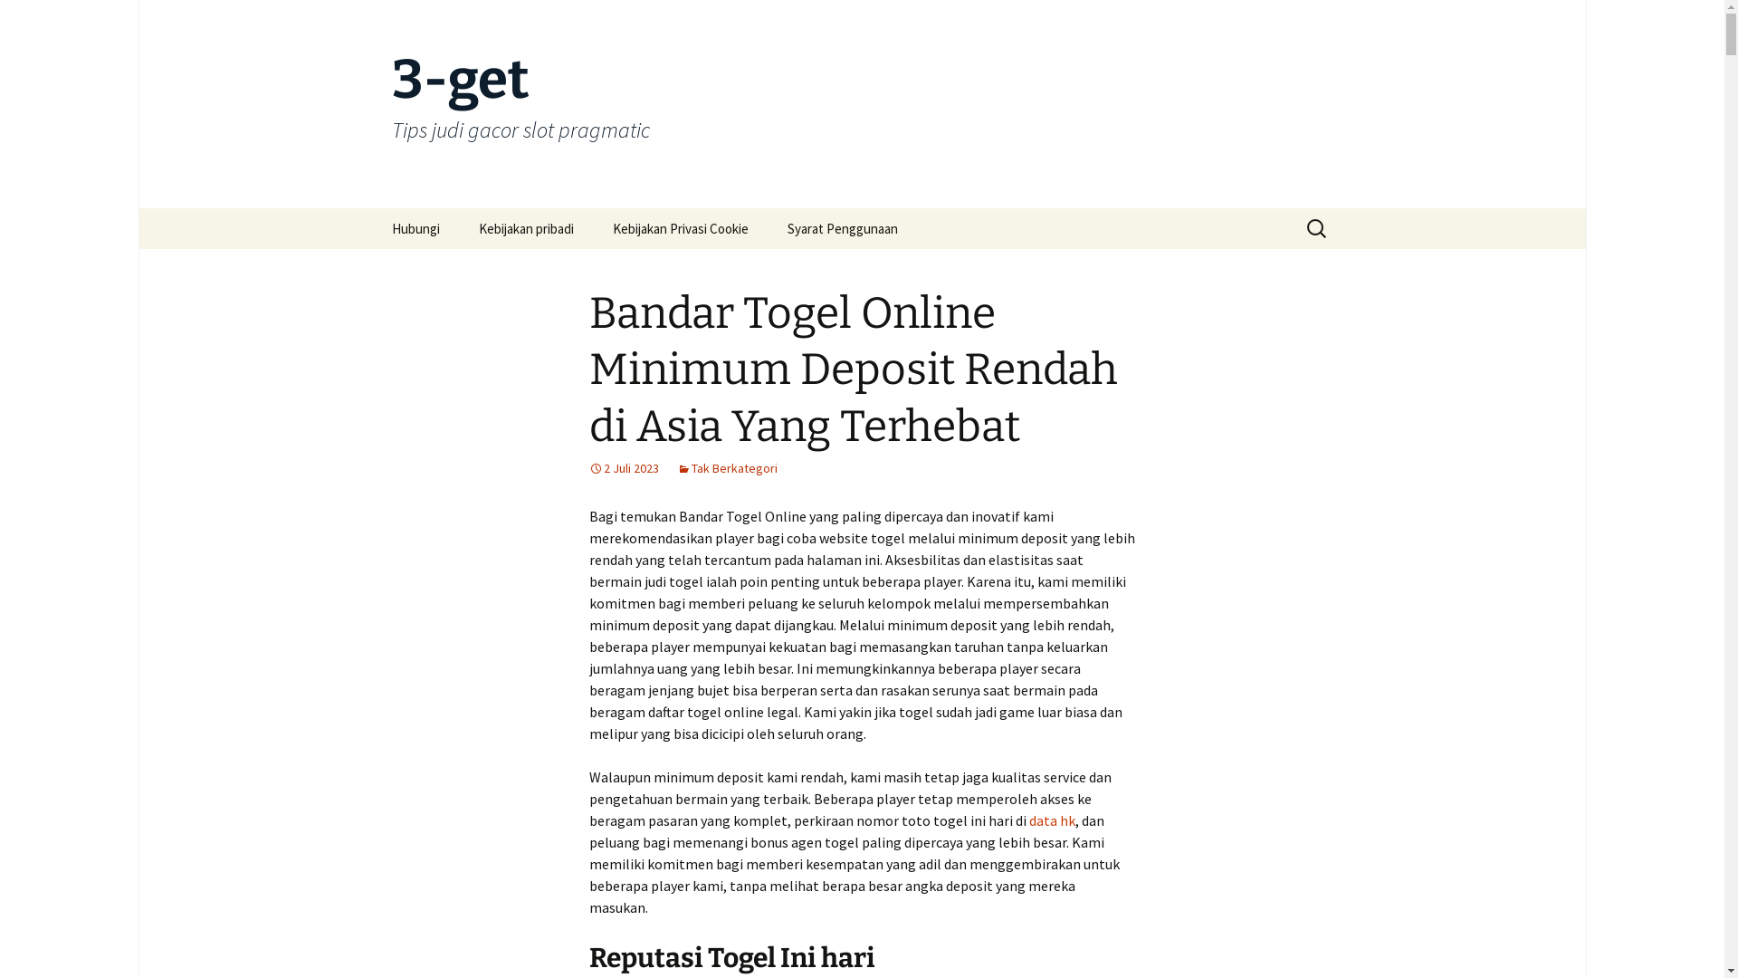  What do you see at coordinates (414, 227) in the screenshot?
I see `'Hubungi'` at bounding box center [414, 227].